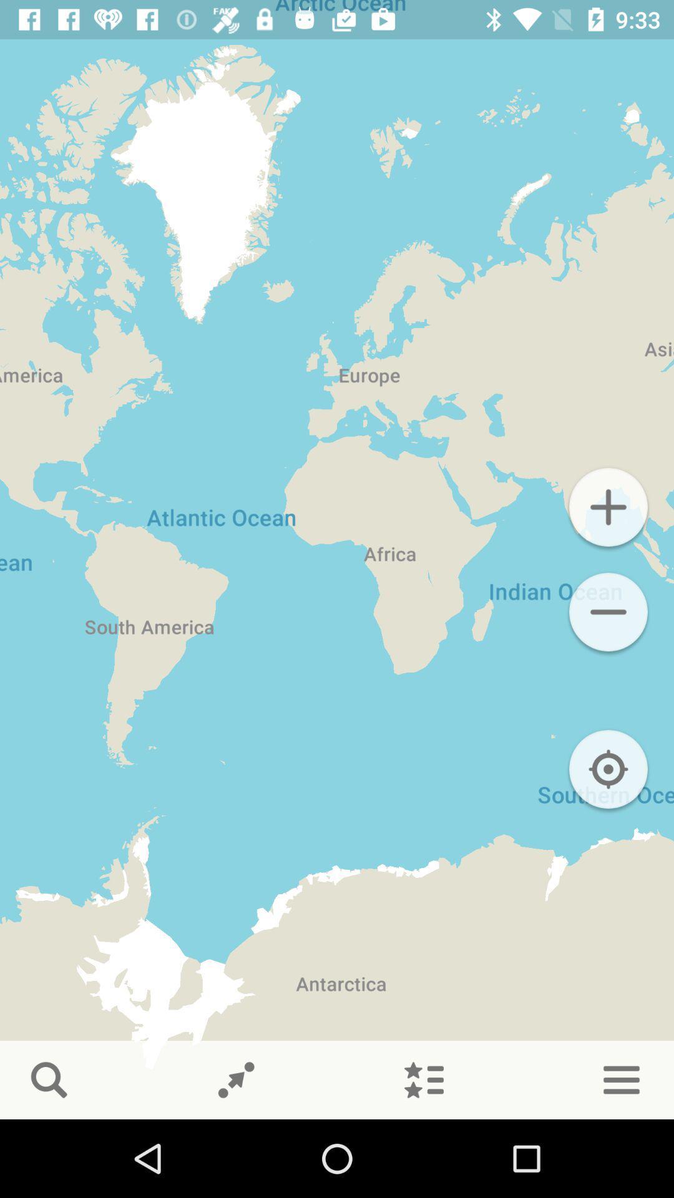 This screenshot has height=1198, width=674. What do you see at coordinates (608, 507) in the screenshot?
I see `zooms map` at bounding box center [608, 507].